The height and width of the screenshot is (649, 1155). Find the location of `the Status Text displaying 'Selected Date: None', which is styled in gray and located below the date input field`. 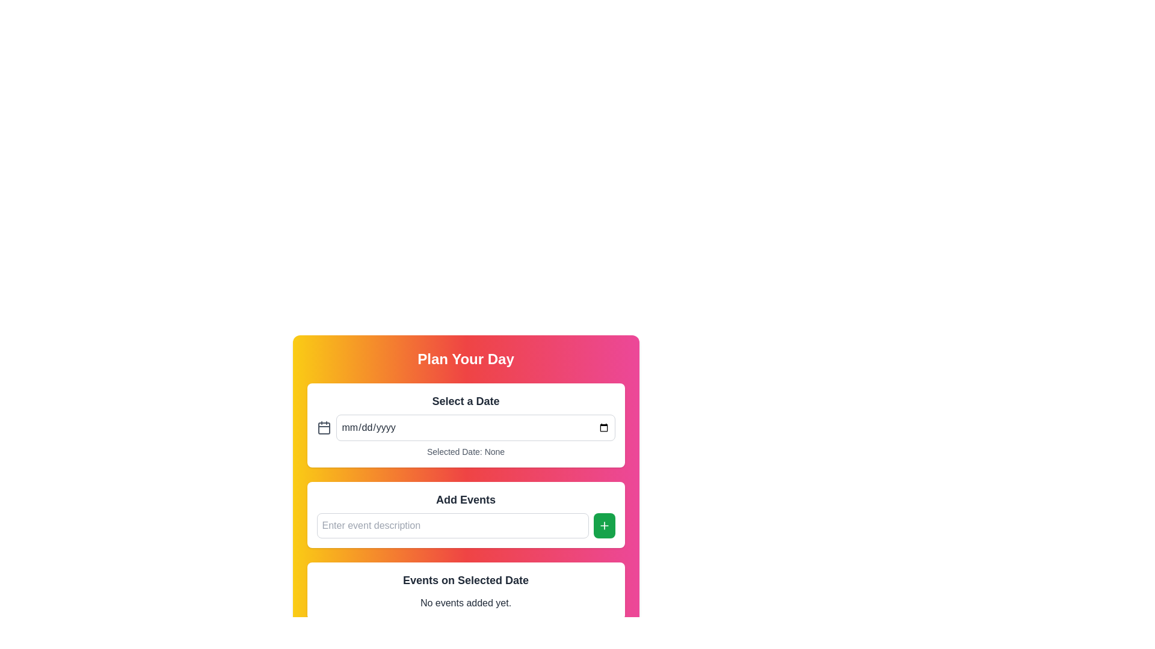

the Status Text displaying 'Selected Date: None', which is styled in gray and located below the date input field is located at coordinates (465, 452).